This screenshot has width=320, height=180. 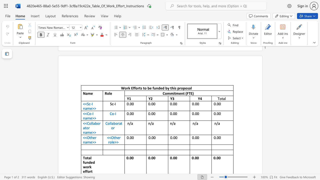 What do you see at coordinates (92, 162) in the screenshot?
I see `the subset text "d work effor" within the text "Total funded work effort"` at bounding box center [92, 162].